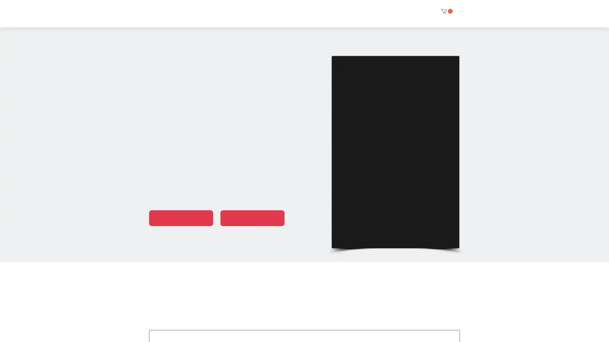 This screenshot has height=342, width=609. What do you see at coordinates (169, 316) in the screenshot?
I see `ALL BOOKS` at bounding box center [169, 316].